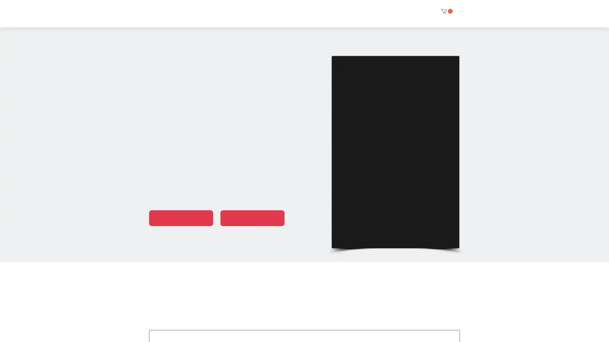 This screenshot has height=342, width=609. What do you see at coordinates (169, 316) in the screenshot?
I see `ALL BOOKS` at bounding box center [169, 316].